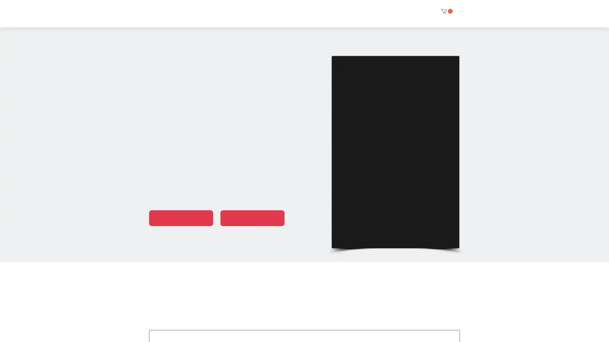 This screenshot has height=342, width=609. What do you see at coordinates (169, 316) in the screenshot?
I see `ALL BOOKS` at bounding box center [169, 316].